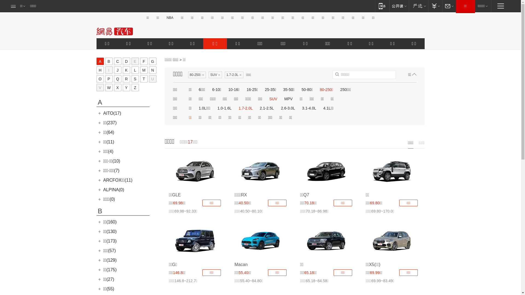 Image resolution: width=525 pixels, height=295 pixels. I want to click on 'A', so click(96, 61).